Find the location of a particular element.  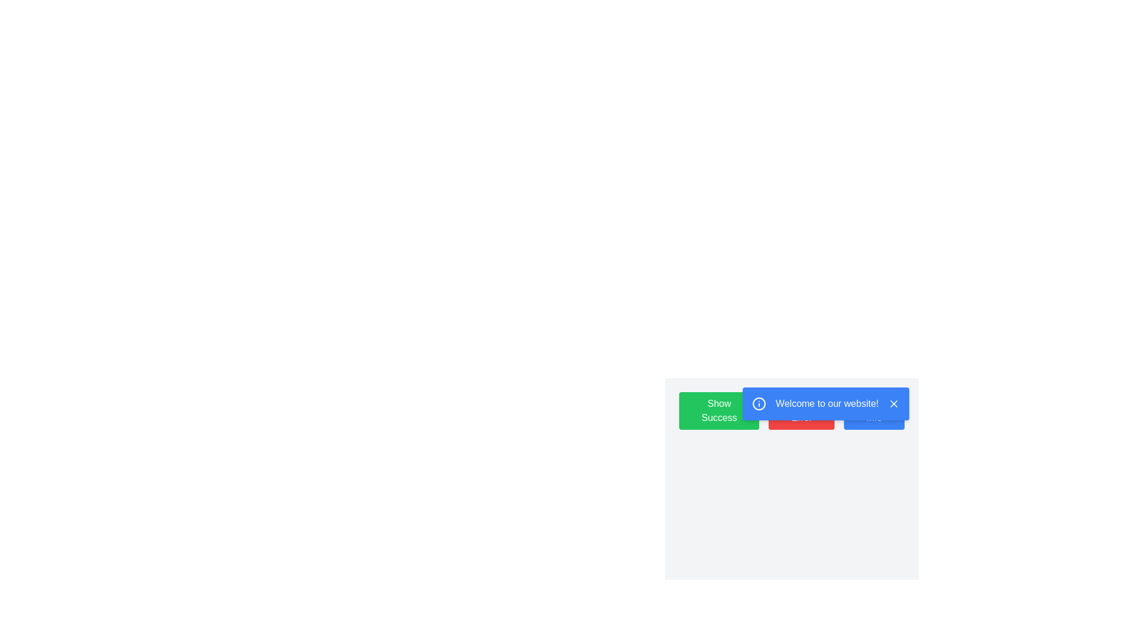

the circular shape with a blue outline in the notification box that contains the text 'Welcome to our website!' is located at coordinates (759, 403).